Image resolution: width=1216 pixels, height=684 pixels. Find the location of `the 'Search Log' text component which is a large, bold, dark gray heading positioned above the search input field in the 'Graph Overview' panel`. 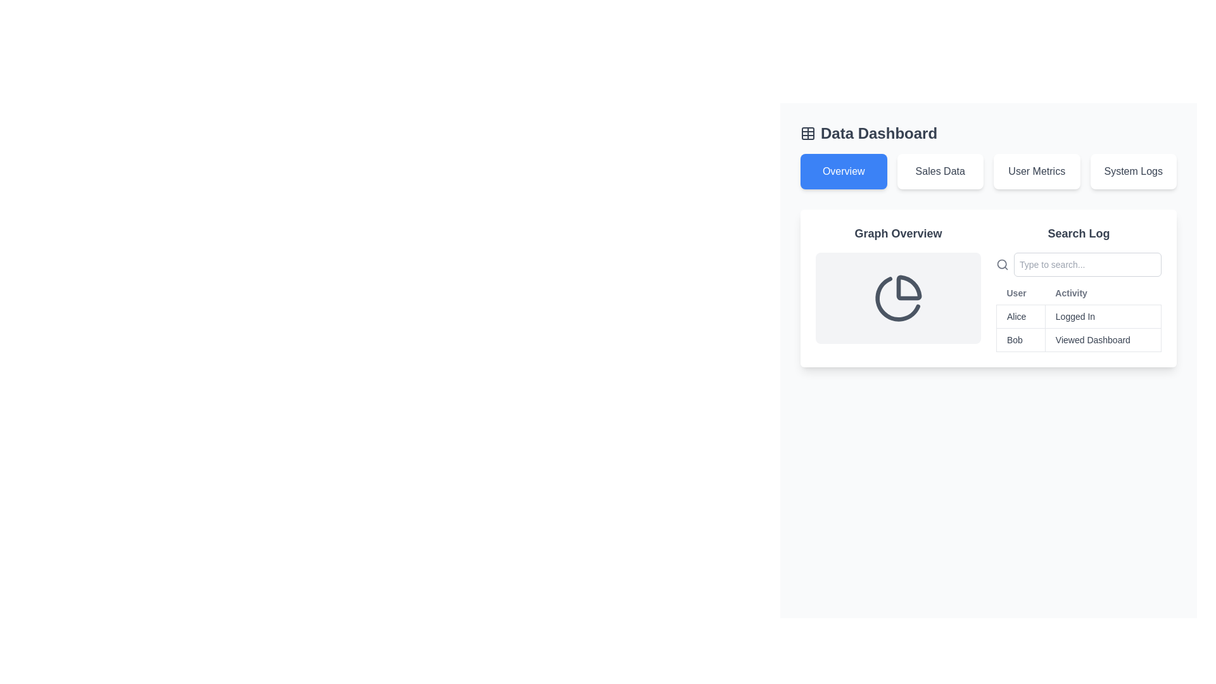

the 'Search Log' text component which is a large, bold, dark gray heading positioned above the search input field in the 'Graph Overview' panel is located at coordinates (1078, 234).